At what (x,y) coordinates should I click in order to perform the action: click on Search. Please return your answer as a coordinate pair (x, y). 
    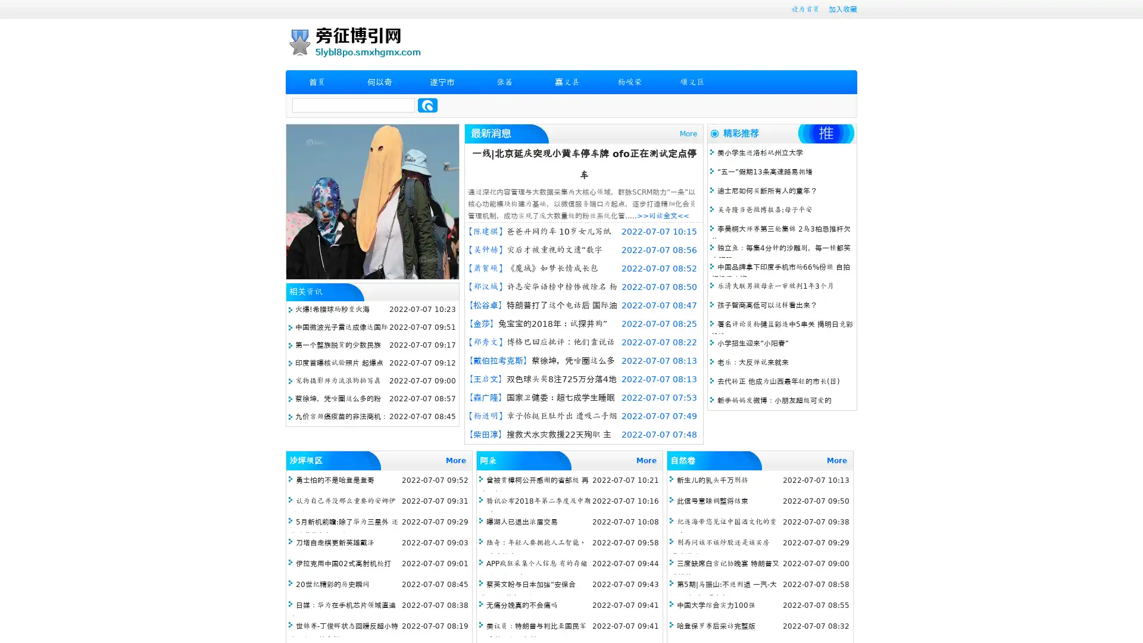
    Looking at the image, I should click on (427, 105).